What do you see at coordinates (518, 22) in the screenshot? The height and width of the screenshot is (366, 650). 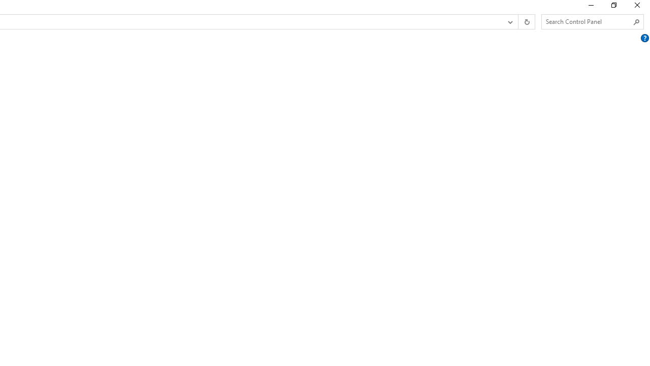 I see `'Address band toolbar'` at bounding box center [518, 22].